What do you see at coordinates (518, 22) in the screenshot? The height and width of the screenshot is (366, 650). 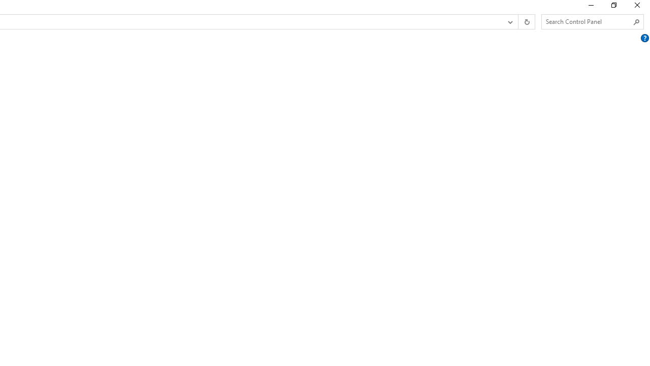 I see `'Address band toolbar'` at bounding box center [518, 22].